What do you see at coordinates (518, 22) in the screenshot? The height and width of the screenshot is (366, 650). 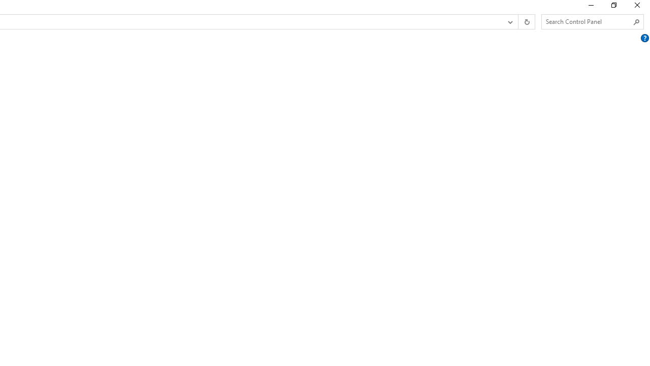 I see `'Address band toolbar'` at bounding box center [518, 22].